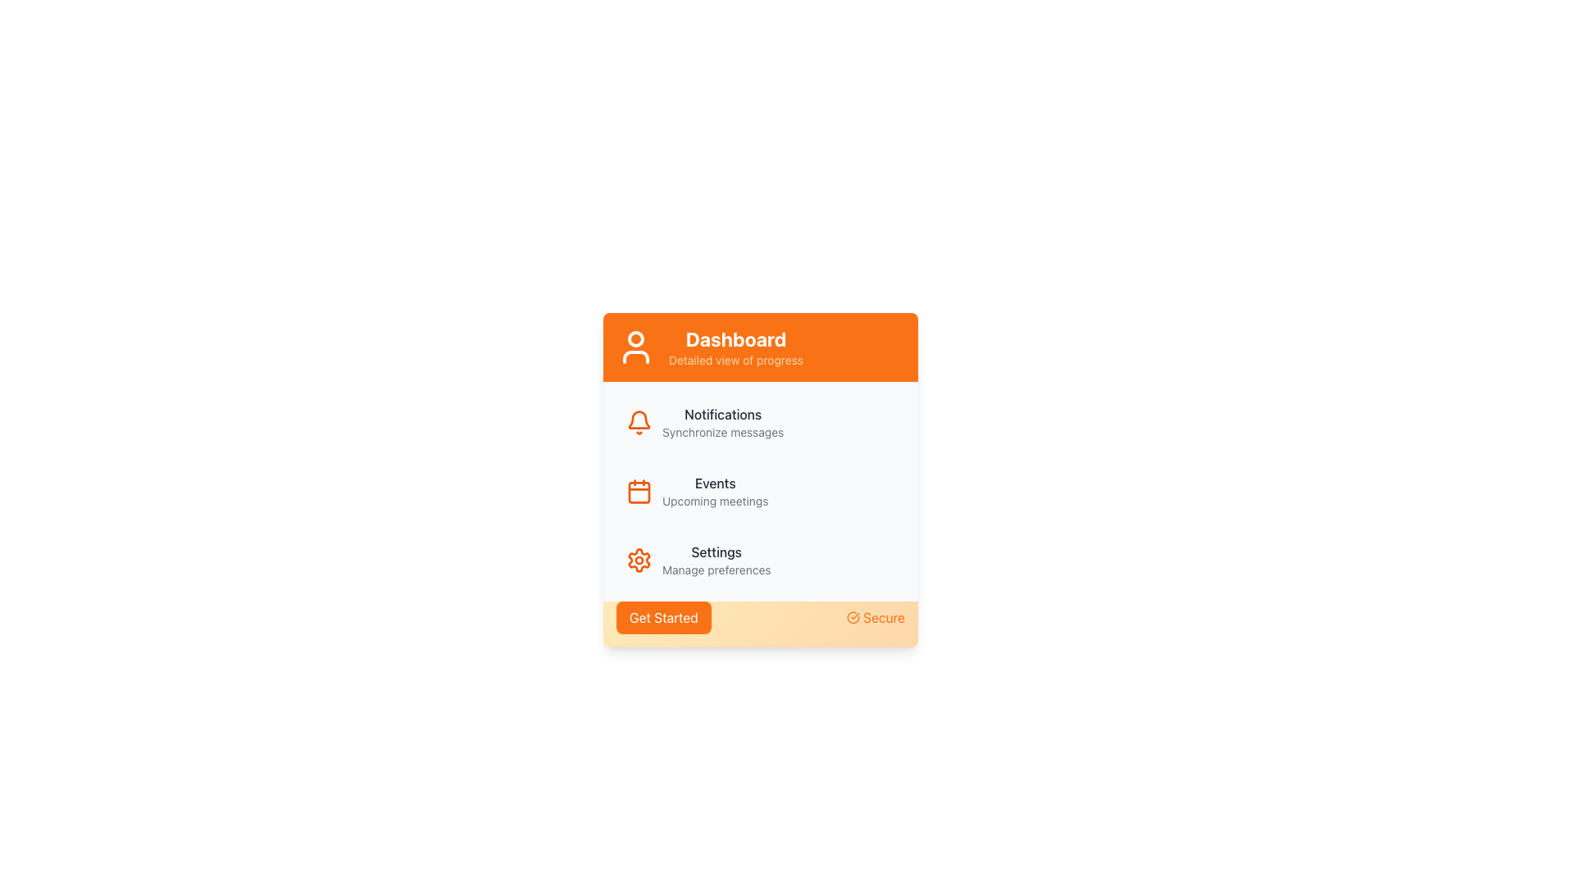  Describe the element at coordinates (735, 347) in the screenshot. I see `the 'Dashboard' header text component located within the small orange banner at the top of the card interface, adjacent to the user silhouette icon` at that location.